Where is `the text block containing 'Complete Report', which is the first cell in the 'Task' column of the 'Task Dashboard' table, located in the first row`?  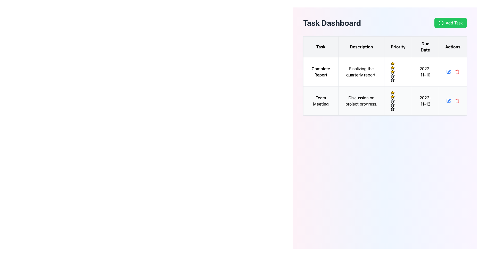
the text block containing 'Complete Report', which is the first cell in the 'Task' column of the 'Task Dashboard' table, located in the first row is located at coordinates (320, 72).